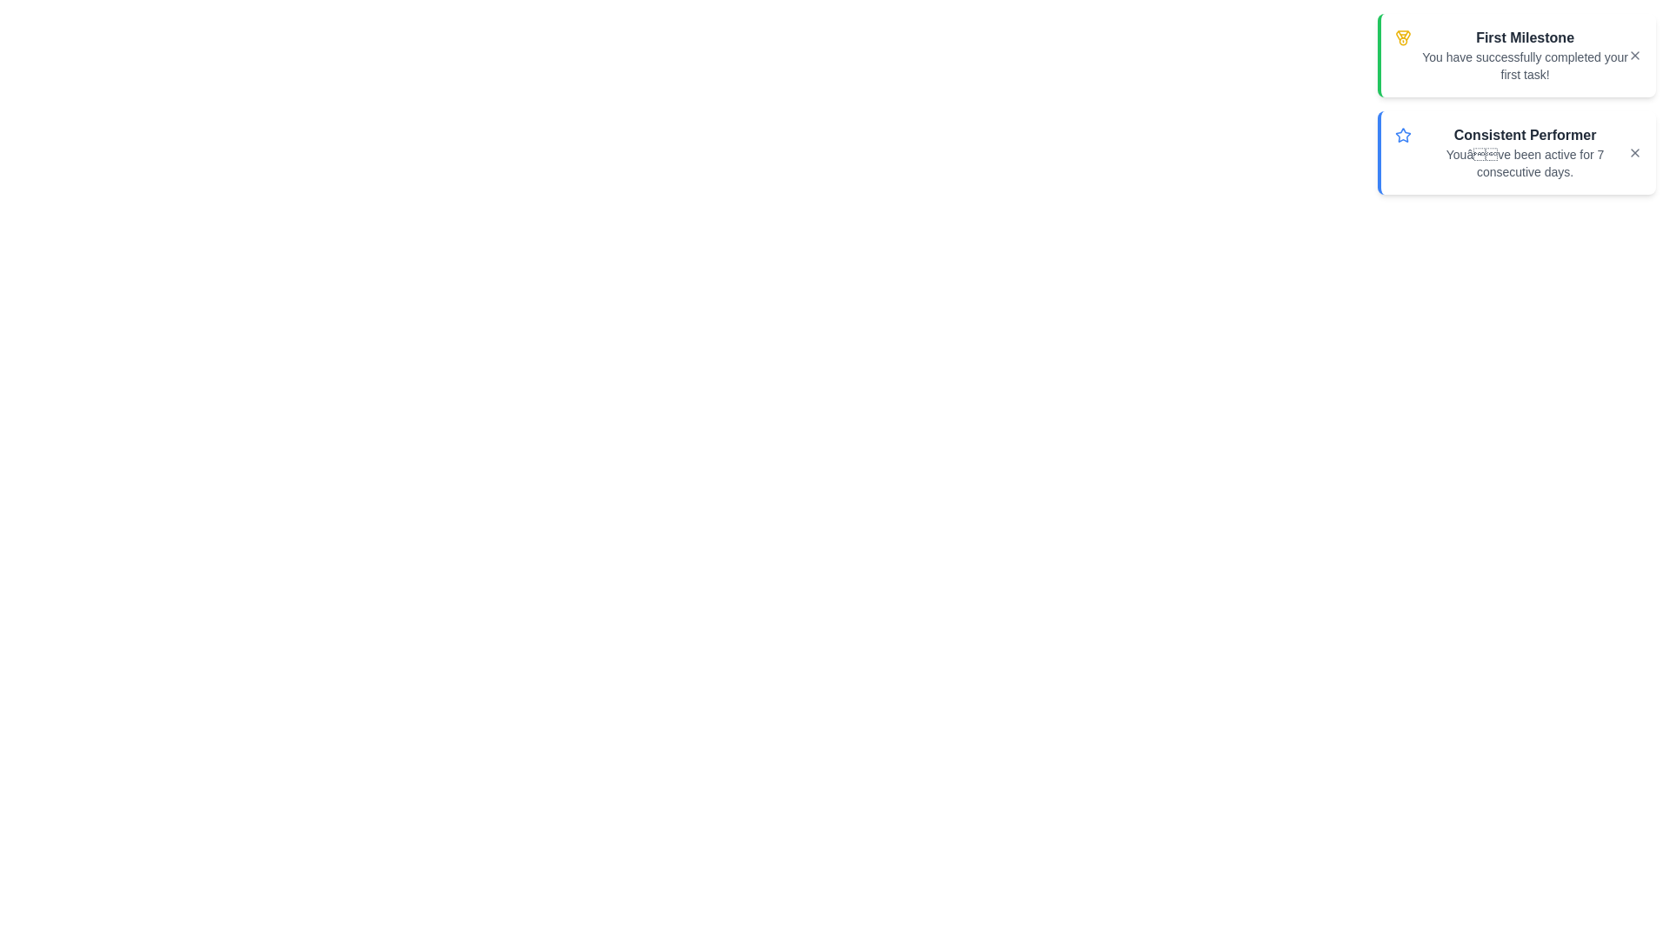 This screenshot has height=939, width=1670. I want to click on the icon for the achievement titled First Milestone, so click(1402, 37).